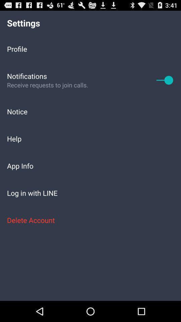 This screenshot has height=322, width=181. What do you see at coordinates (90, 220) in the screenshot?
I see `delete account icon` at bounding box center [90, 220].